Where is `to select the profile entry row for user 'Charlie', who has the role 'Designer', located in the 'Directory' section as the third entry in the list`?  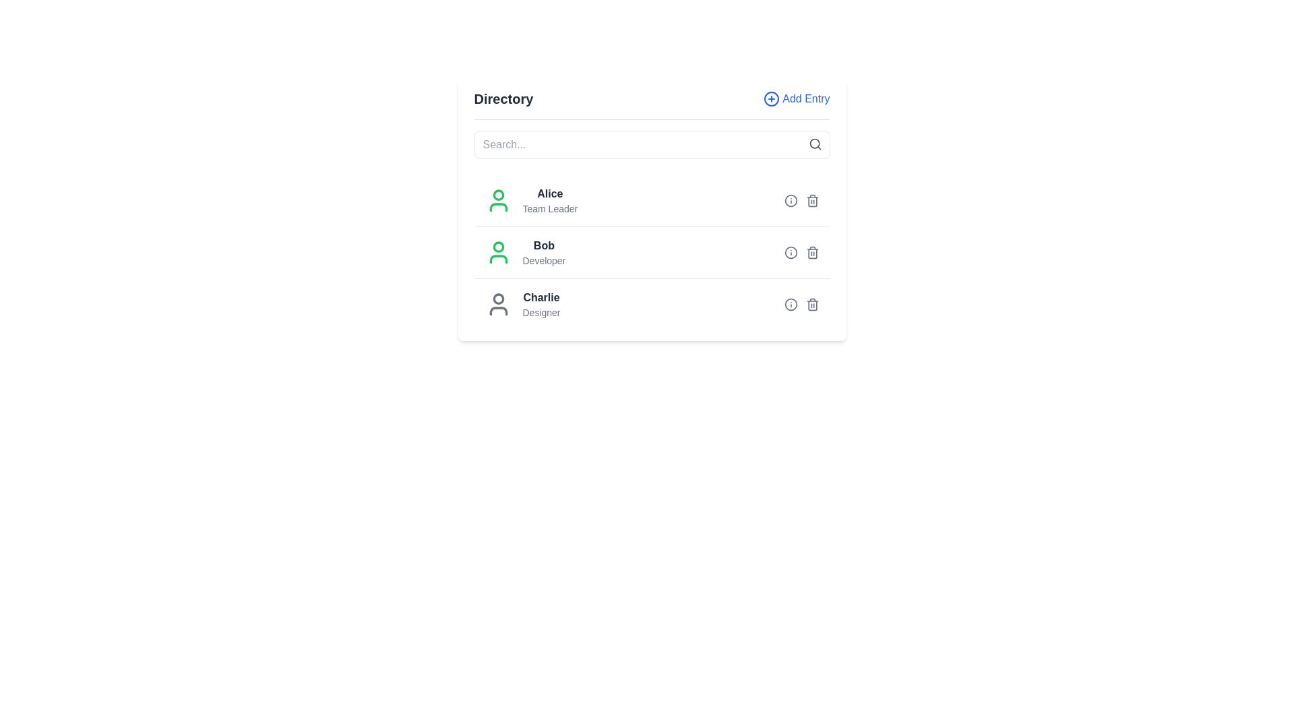 to select the profile entry row for user 'Charlie', who has the role 'Designer', located in the 'Directory' section as the third entry in the list is located at coordinates (652, 304).